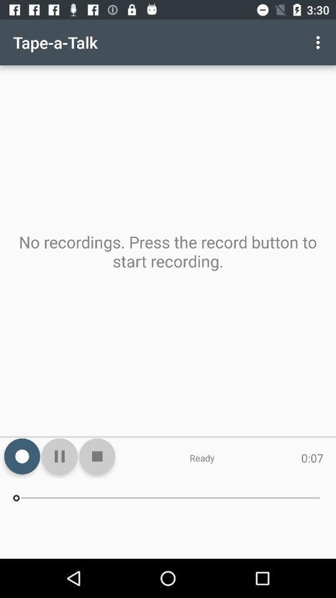 The width and height of the screenshot is (336, 598). I want to click on icon at the top right corner, so click(319, 42).